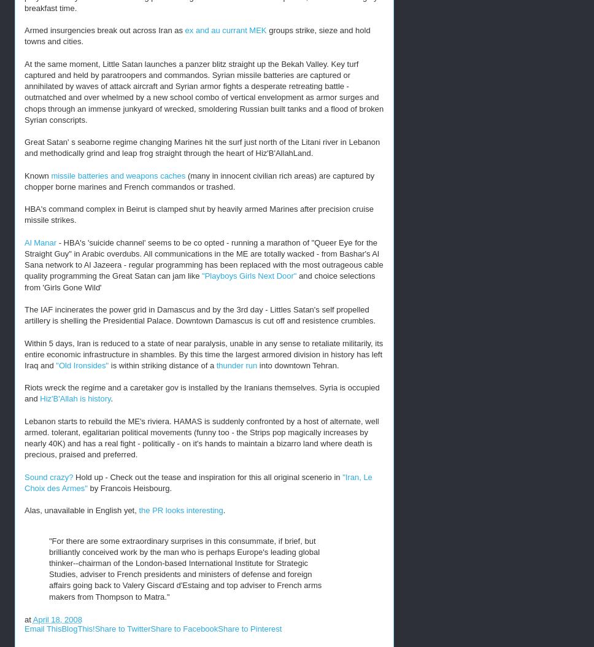  Describe the element at coordinates (24, 393) in the screenshot. I see `'Riots wreck the regime and a caretaker gov is installed by the Iranians themselves. Syria is occupied and'` at that location.